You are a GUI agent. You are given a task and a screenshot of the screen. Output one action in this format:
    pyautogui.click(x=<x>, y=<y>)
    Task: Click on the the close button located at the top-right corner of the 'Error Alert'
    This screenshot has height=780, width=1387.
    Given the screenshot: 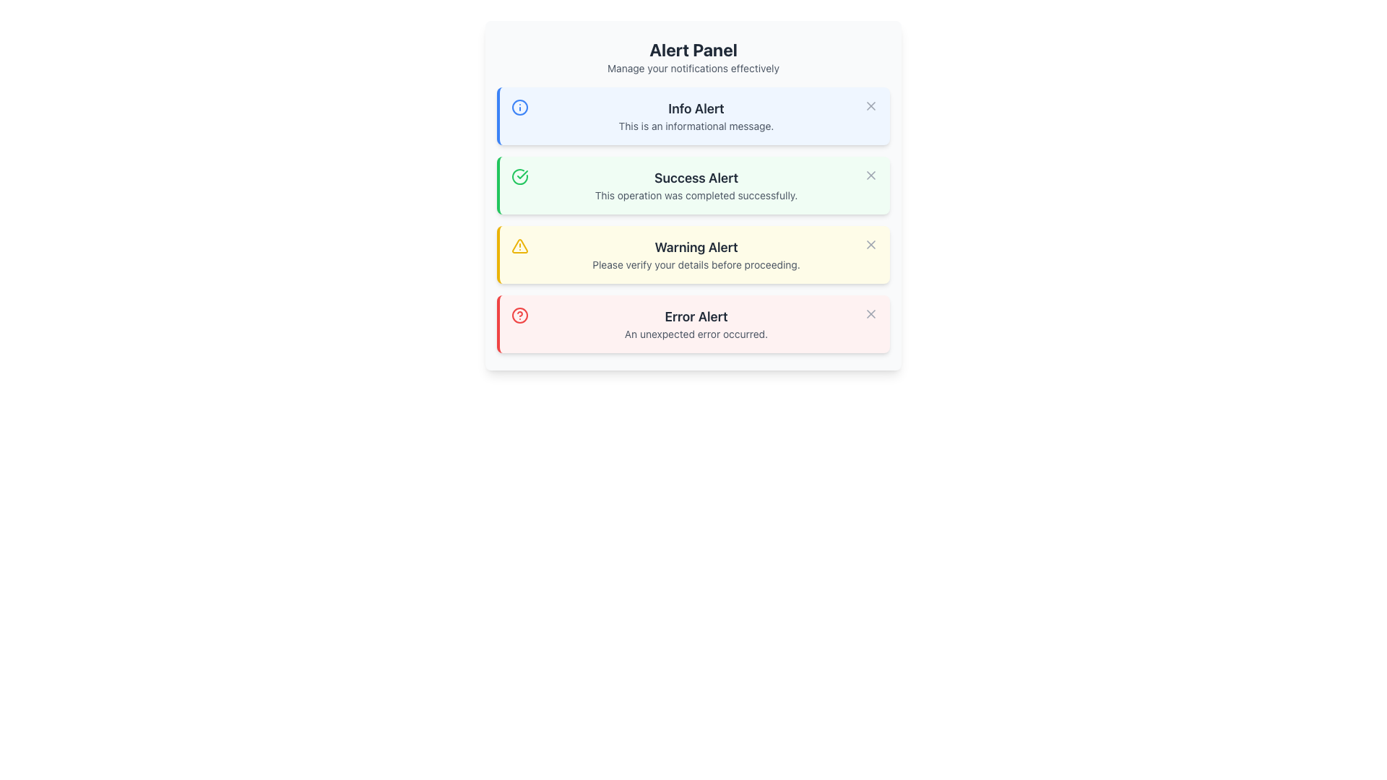 What is the action you would take?
    pyautogui.click(x=870, y=313)
    